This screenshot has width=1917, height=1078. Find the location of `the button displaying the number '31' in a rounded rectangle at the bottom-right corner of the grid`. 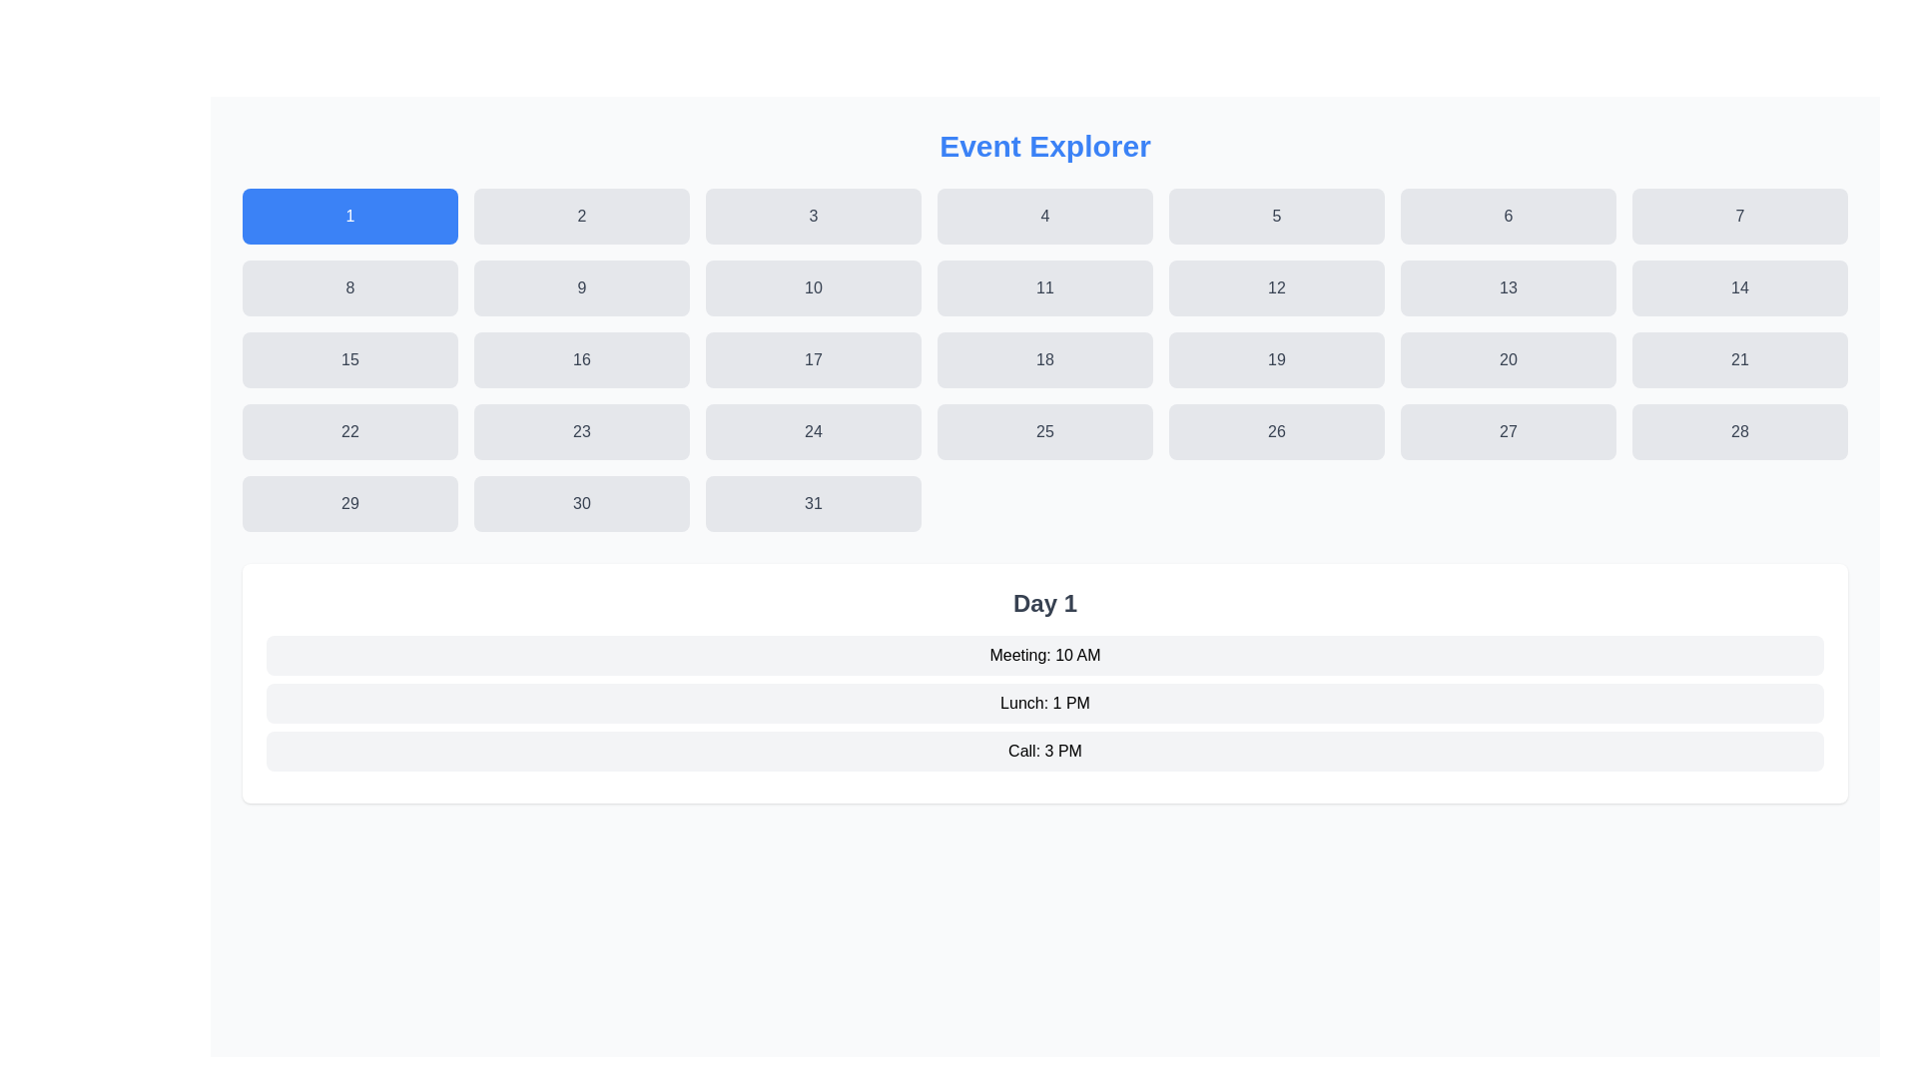

the button displaying the number '31' in a rounded rectangle at the bottom-right corner of the grid is located at coordinates (814, 503).